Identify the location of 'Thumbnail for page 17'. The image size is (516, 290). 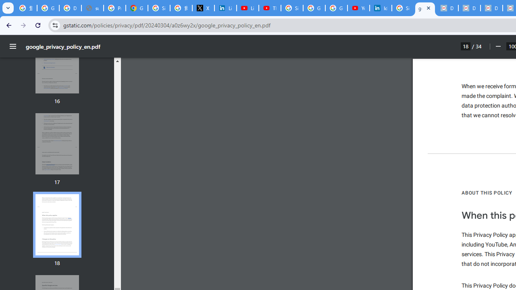
(56, 143).